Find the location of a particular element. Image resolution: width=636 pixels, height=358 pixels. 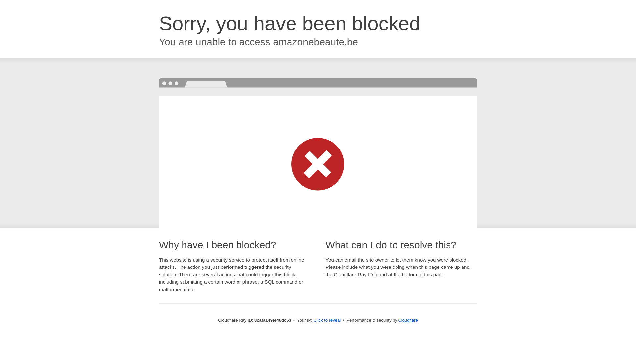

'Click to reveal' is located at coordinates (327, 320).